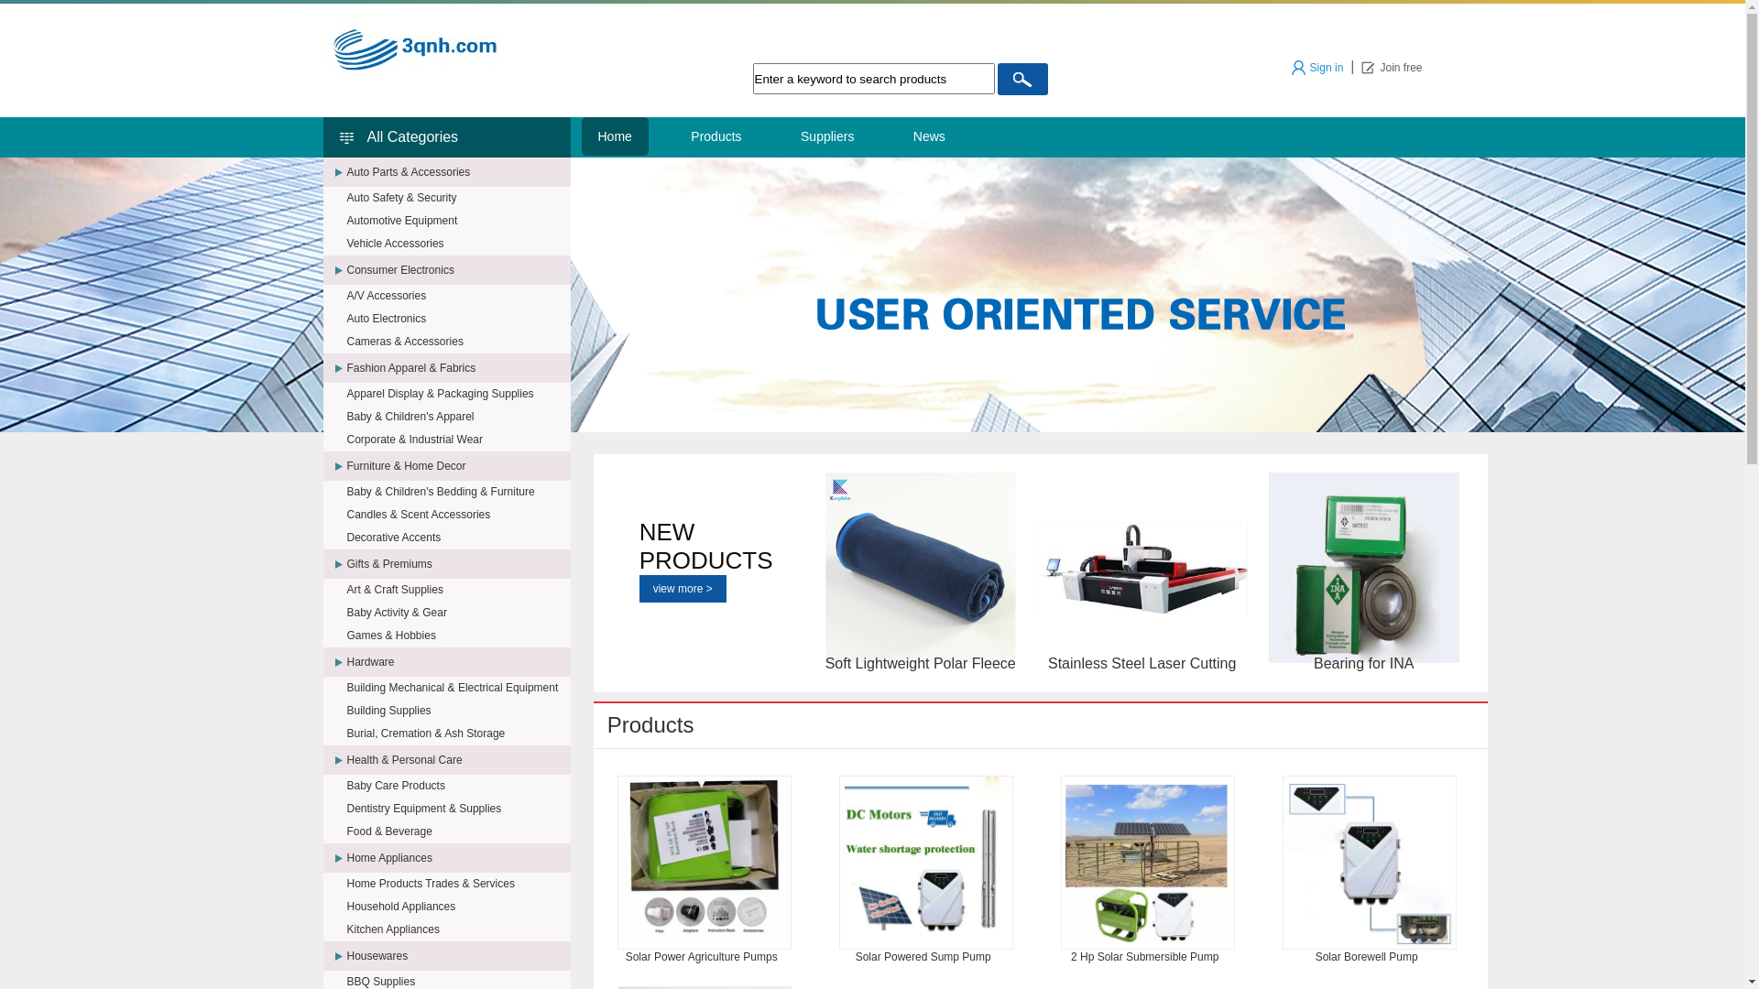 The height and width of the screenshot is (989, 1759). Describe the element at coordinates (457, 929) in the screenshot. I see `'Kitchen Appliances'` at that location.